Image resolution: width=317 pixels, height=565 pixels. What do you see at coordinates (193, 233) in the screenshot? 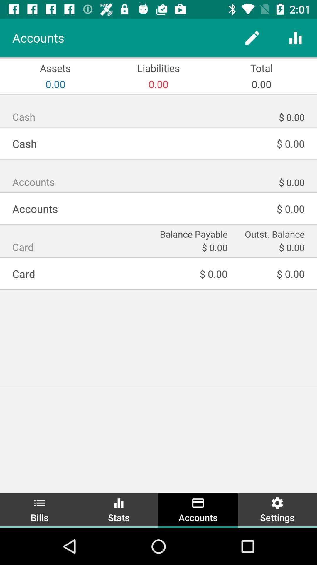
I see `icon below accounts` at bounding box center [193, 233].